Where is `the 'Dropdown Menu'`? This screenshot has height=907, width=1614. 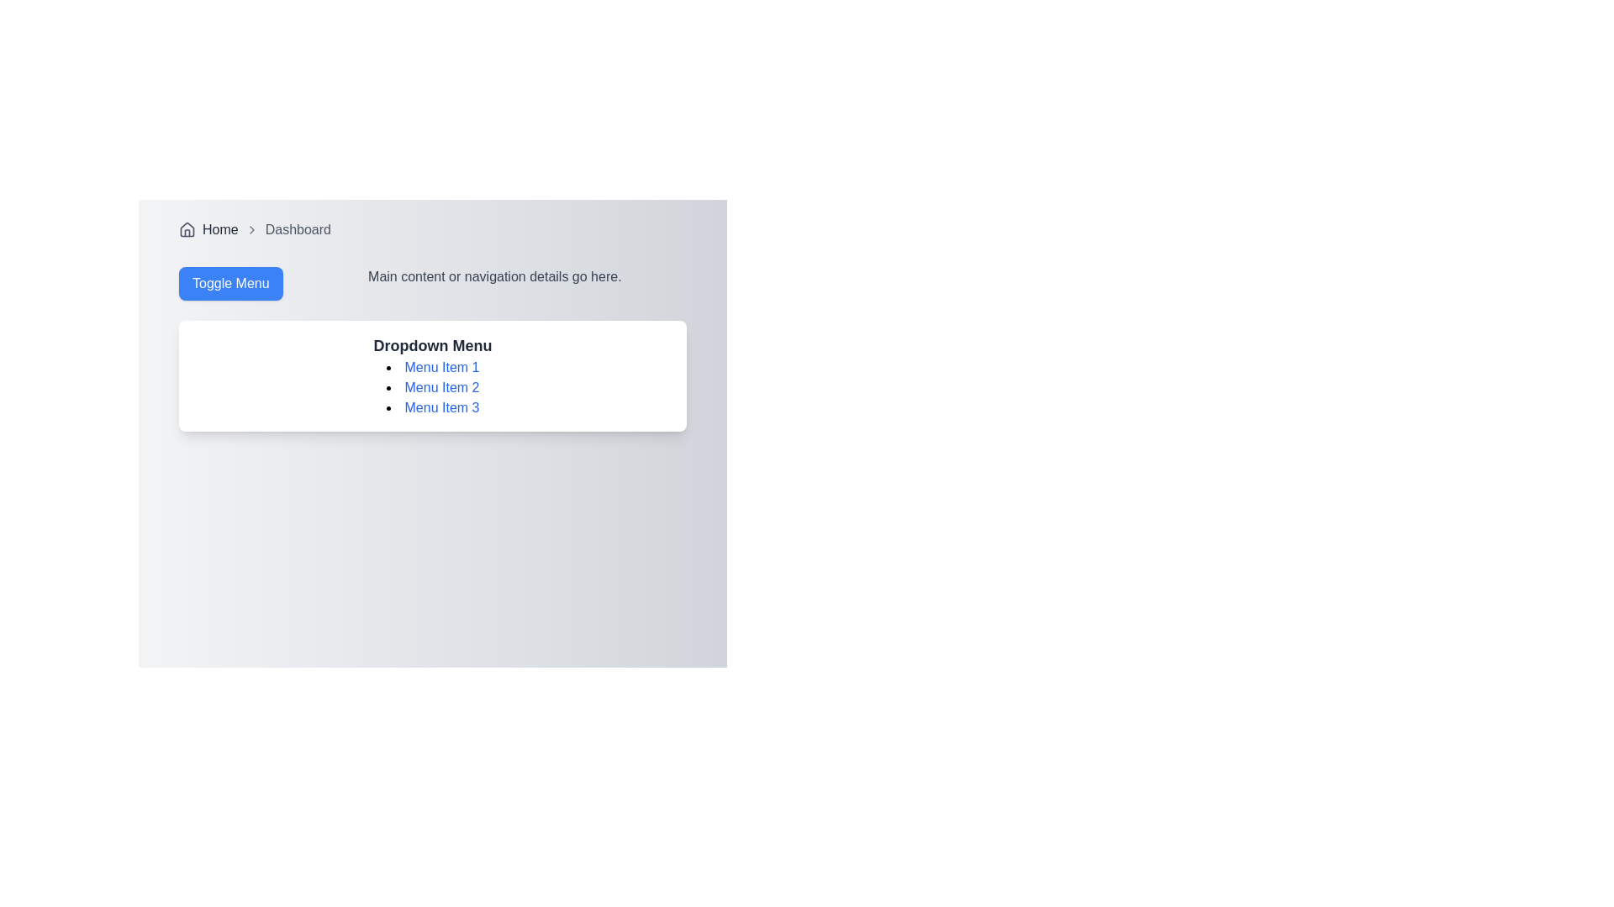 the 'Dropdown Menu' is located at coordinates (432, 375).